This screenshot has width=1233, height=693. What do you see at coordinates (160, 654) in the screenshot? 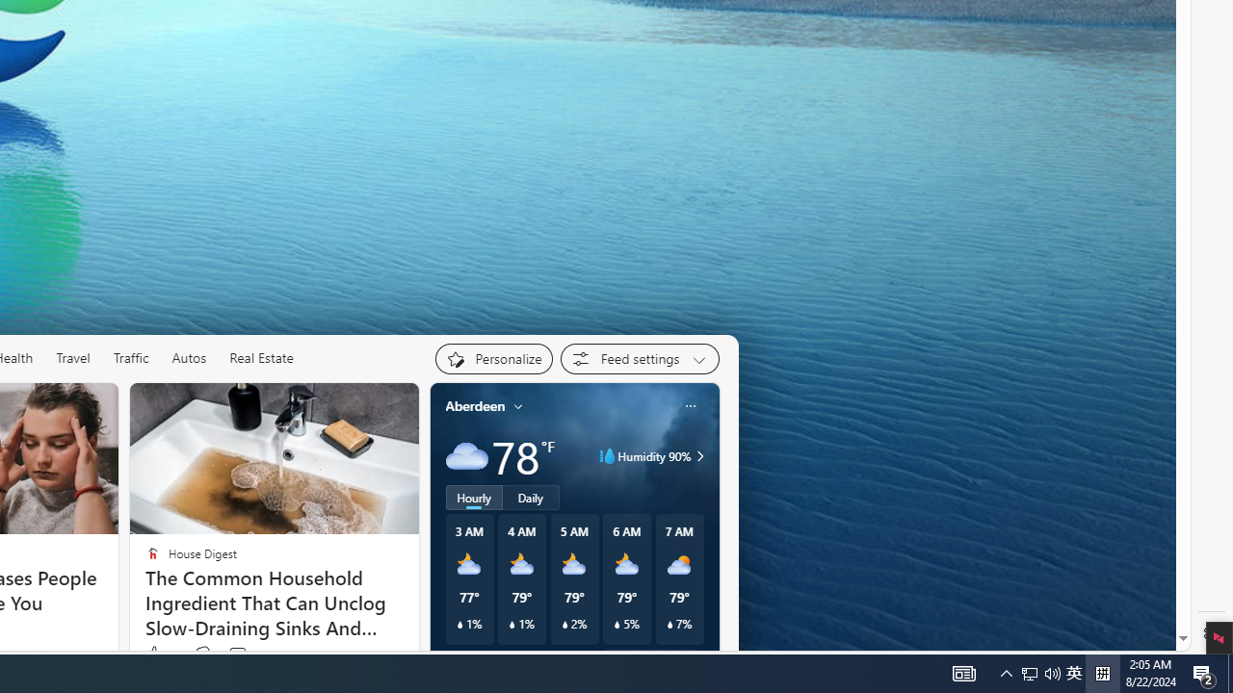
I see `'2k Like'` at bounding box center [160, 654].